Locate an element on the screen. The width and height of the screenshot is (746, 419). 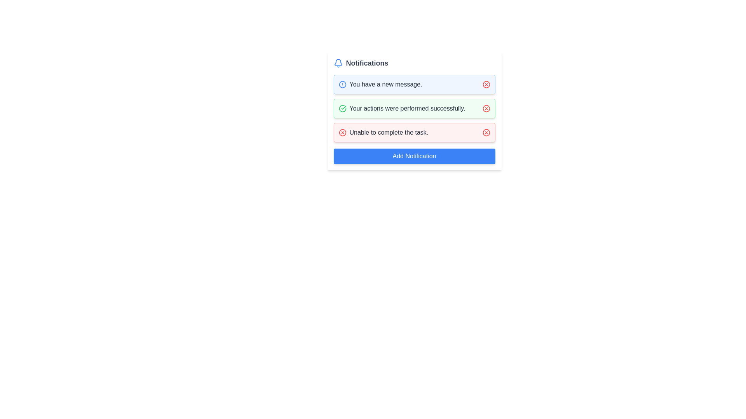
the success message displayed in the notification banner with a green background, featuring a green check icon and the text 'Your actions were performed successfully' is located at coordinates (414, 109).